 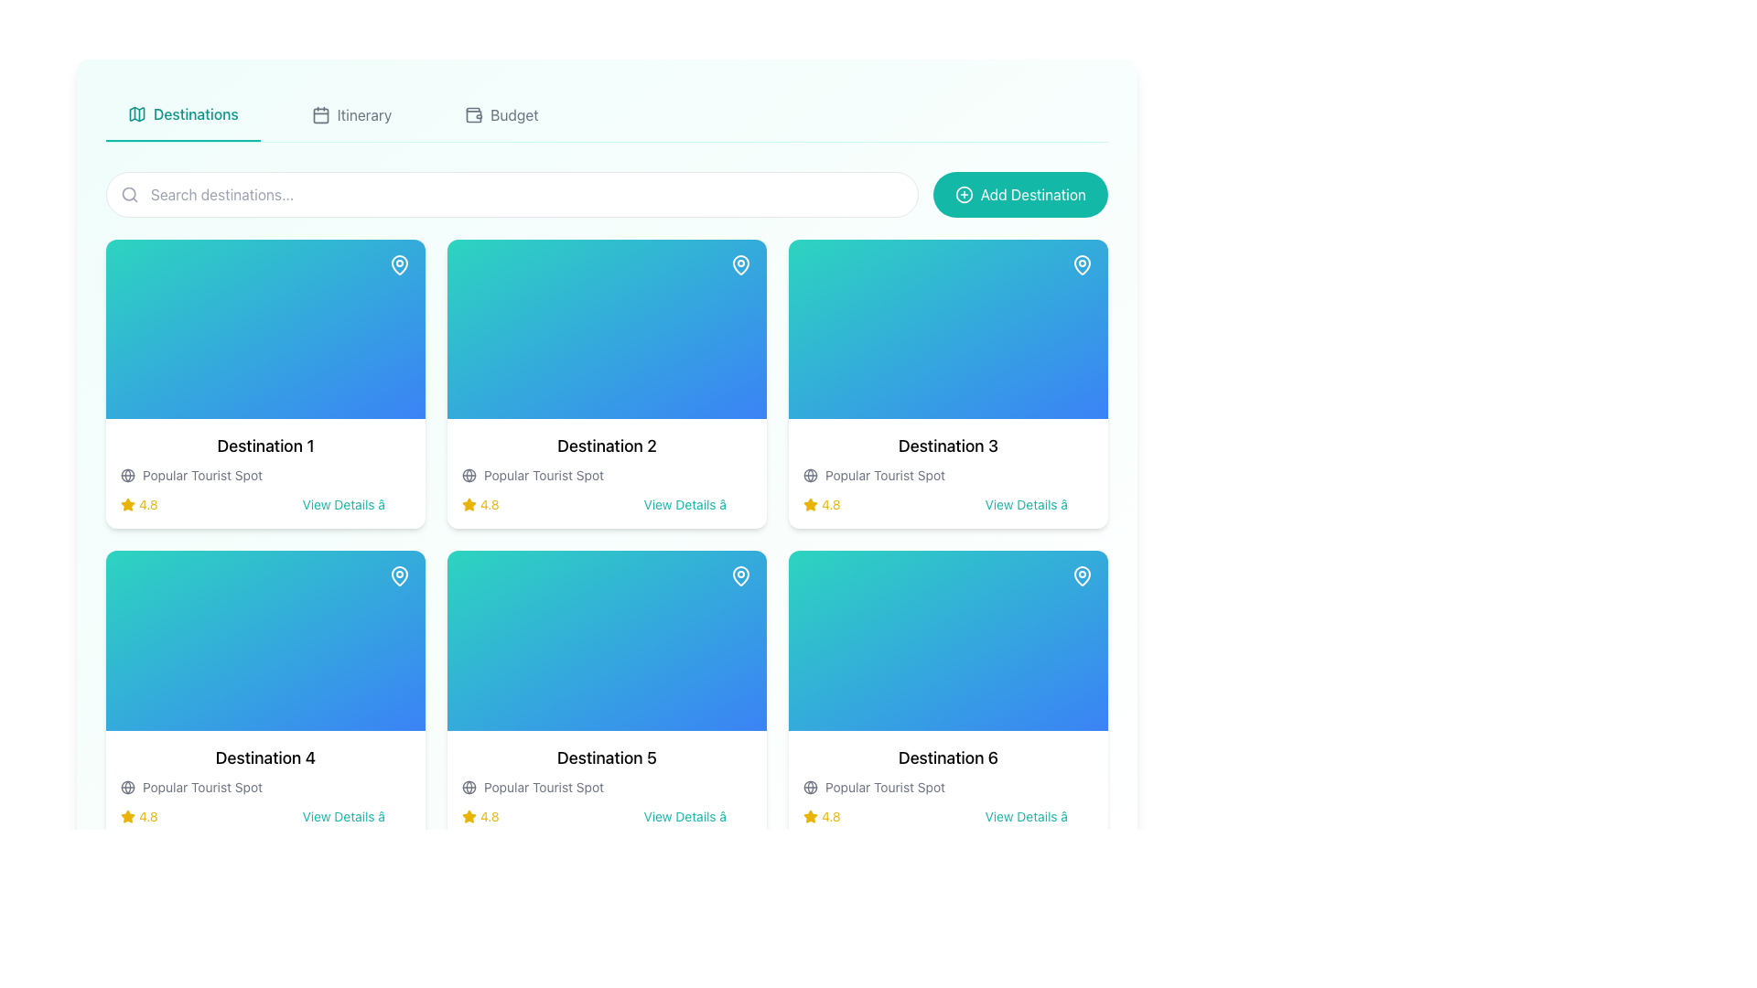 What do you see at coordinates (183, 115) in the screenshot?
I see `the 'Destinations' Navigation Button, which is the leftmost button in the navigation bar` at bounding box center [183, 115].